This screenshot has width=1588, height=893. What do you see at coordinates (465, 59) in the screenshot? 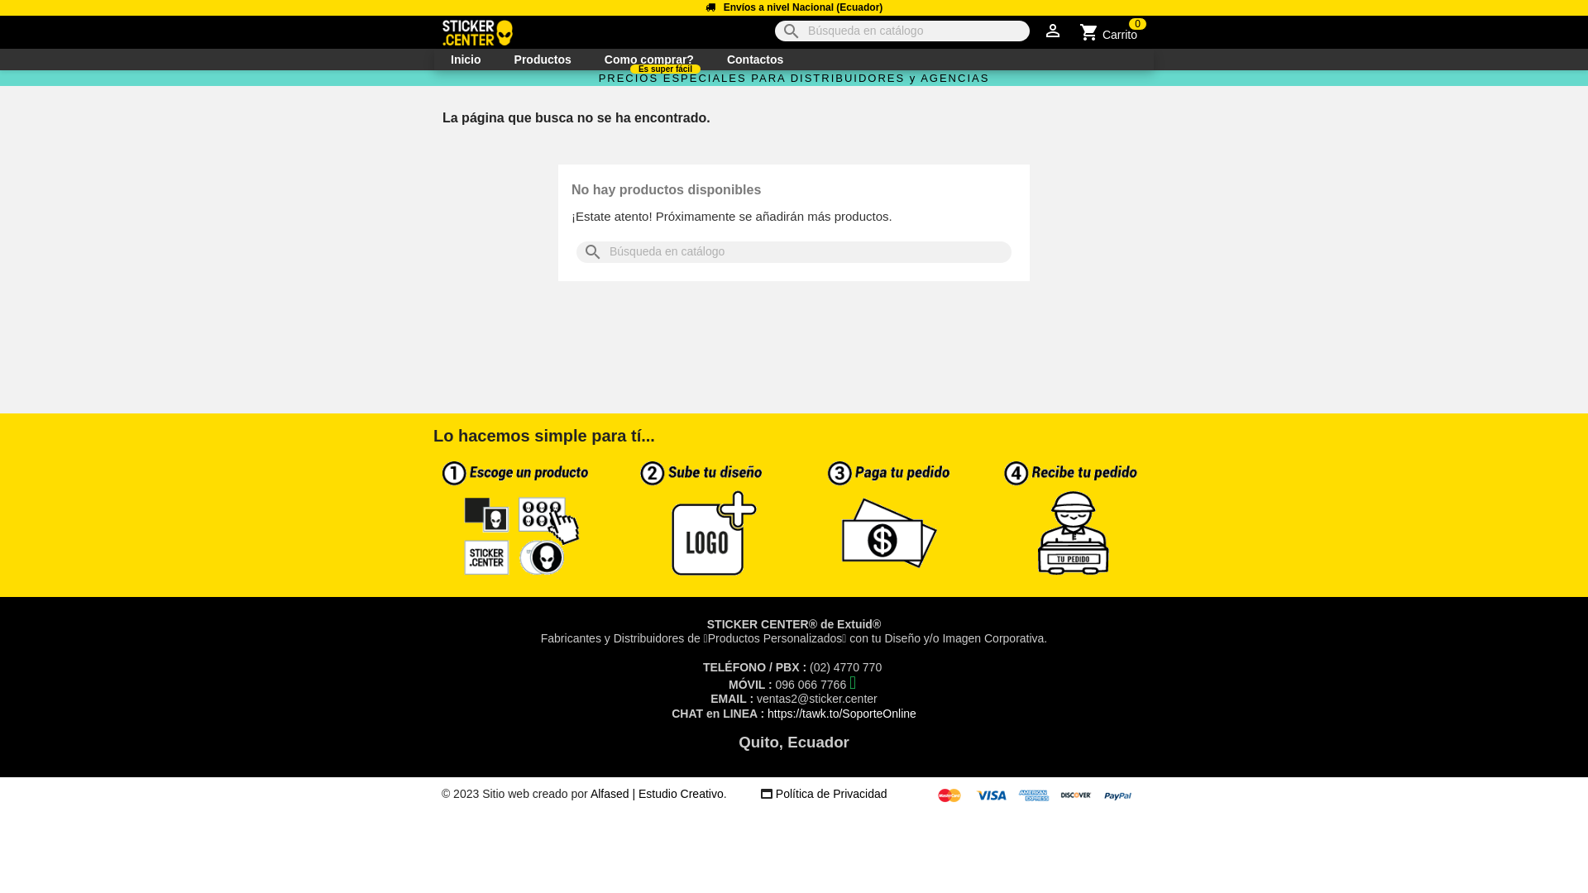
I see `'Inicio'` at bounding box center [465, 59].